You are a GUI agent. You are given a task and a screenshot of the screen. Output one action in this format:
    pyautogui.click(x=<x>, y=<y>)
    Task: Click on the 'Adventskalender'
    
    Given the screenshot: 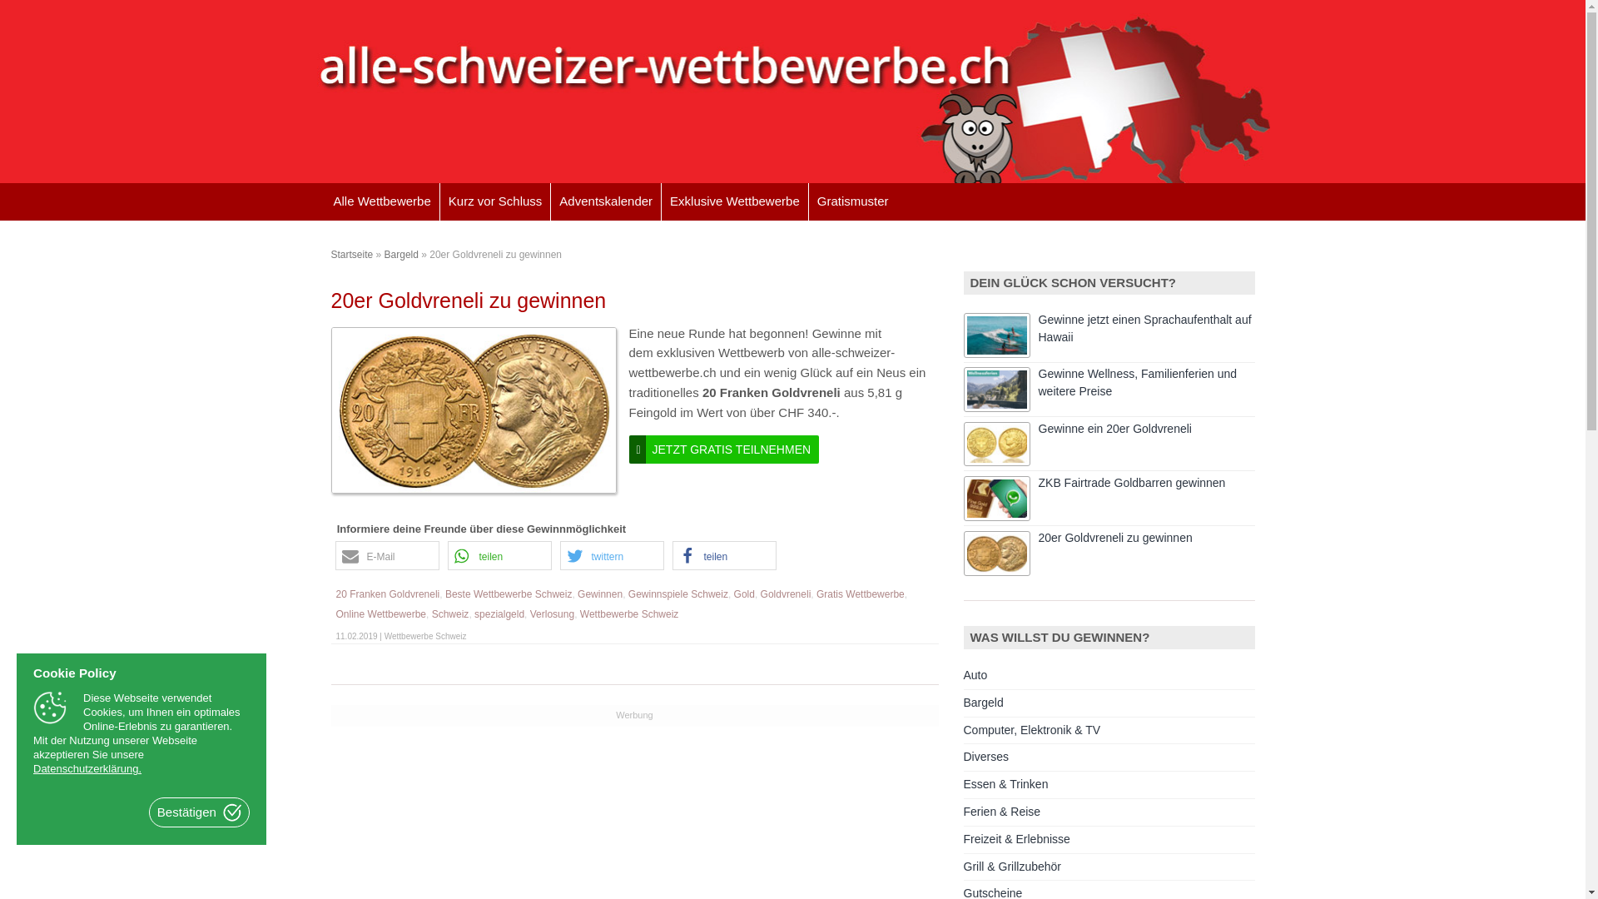 What is the action you would take?
    pyautogui.click(x=605, y=200)
    